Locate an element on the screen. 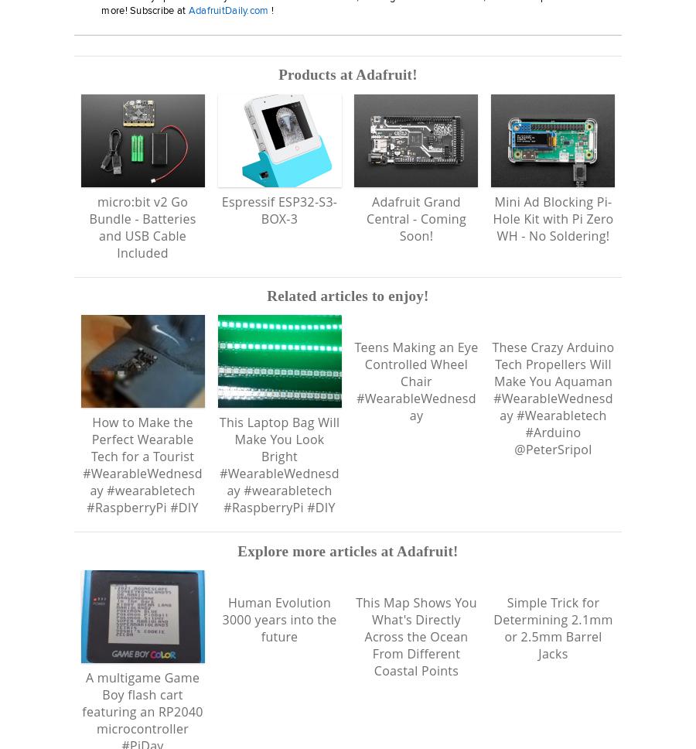 This screenshot has height=749, width=696. 'Simple Trick for Determining 2.1mm or 2.5mm Barrel Jacks' is located at coordinates (551, 644).